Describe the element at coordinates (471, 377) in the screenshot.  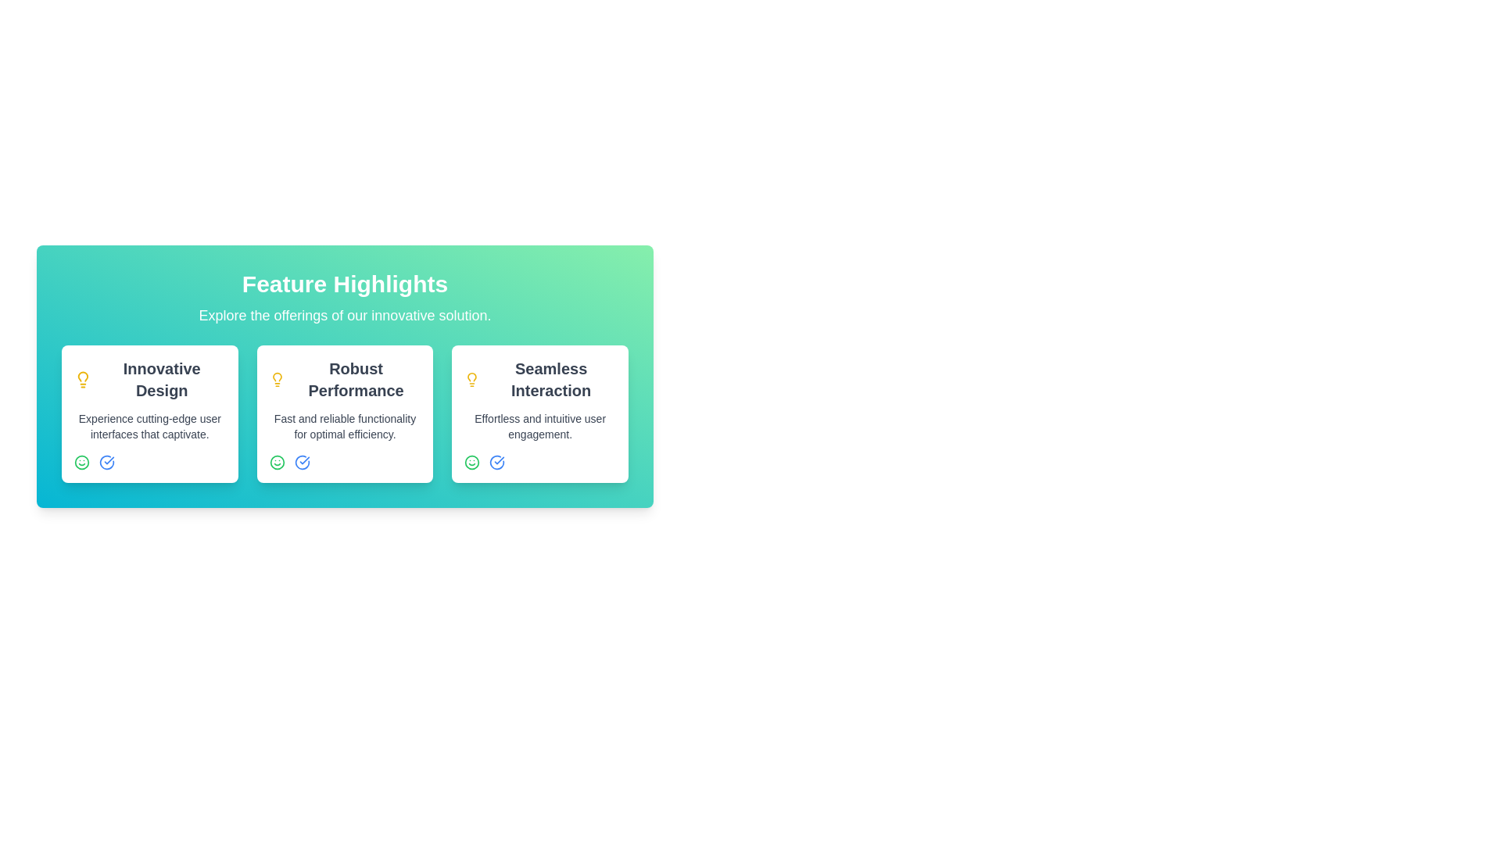
I see `the small, abstract light bulb icon with a yellow fill located in the top-left corner of the middle card beneath the heading 'Robust Performance'` at that location.